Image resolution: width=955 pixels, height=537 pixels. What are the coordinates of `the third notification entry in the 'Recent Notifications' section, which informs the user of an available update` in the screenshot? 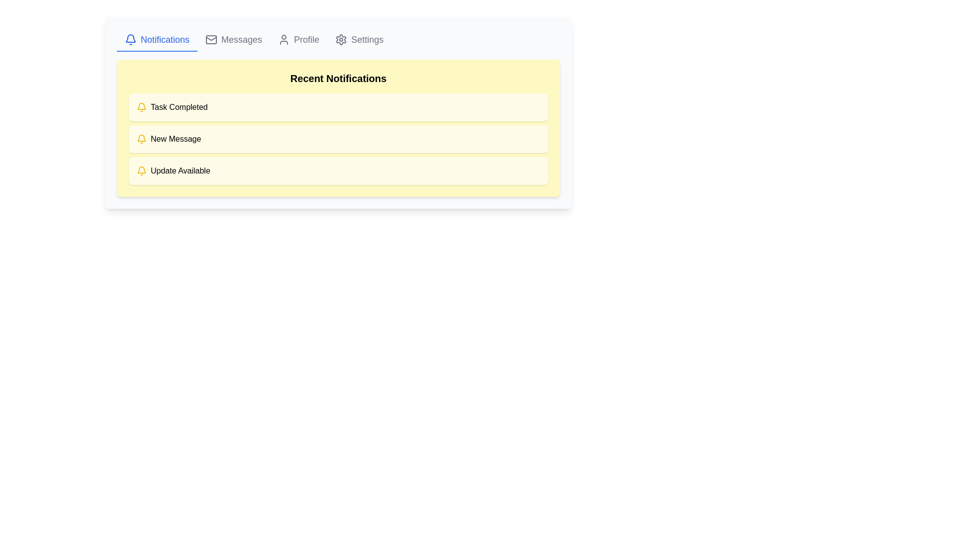 It's located at (338, 170).